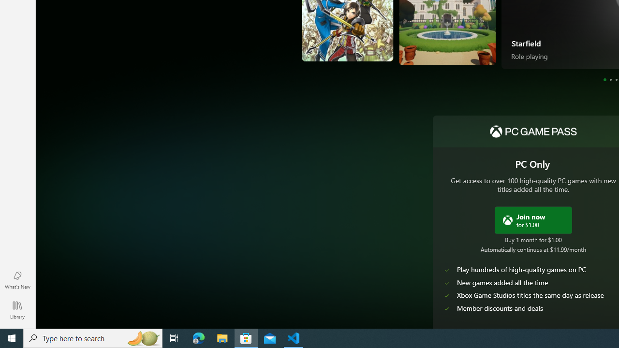  What do you see at coordinates (610, 79) in the screenshot?
I see `'Page 2'` at bounding box center [610, 79].